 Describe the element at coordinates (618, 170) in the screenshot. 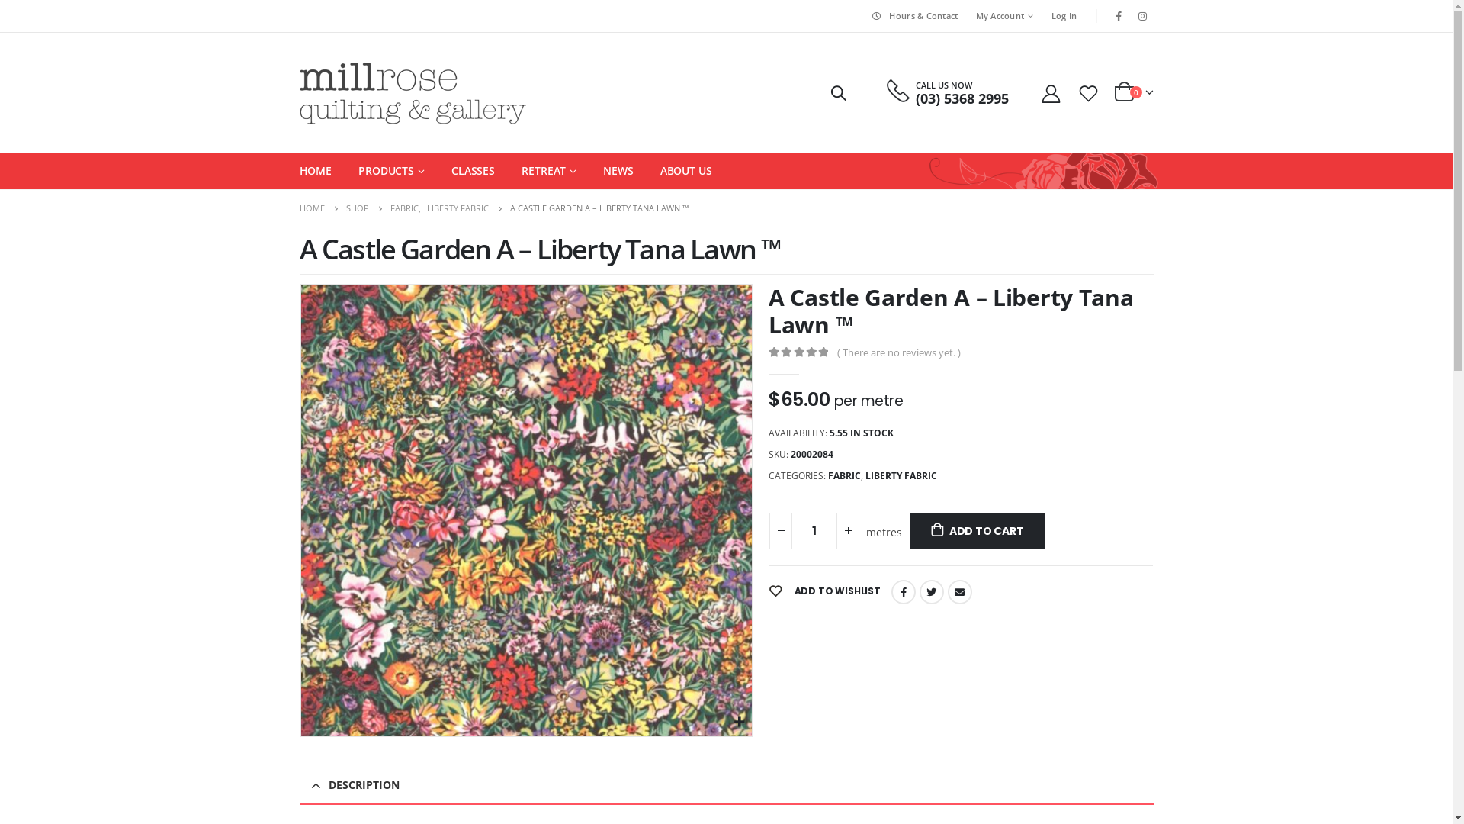

I see `'NEWS'` at that location.